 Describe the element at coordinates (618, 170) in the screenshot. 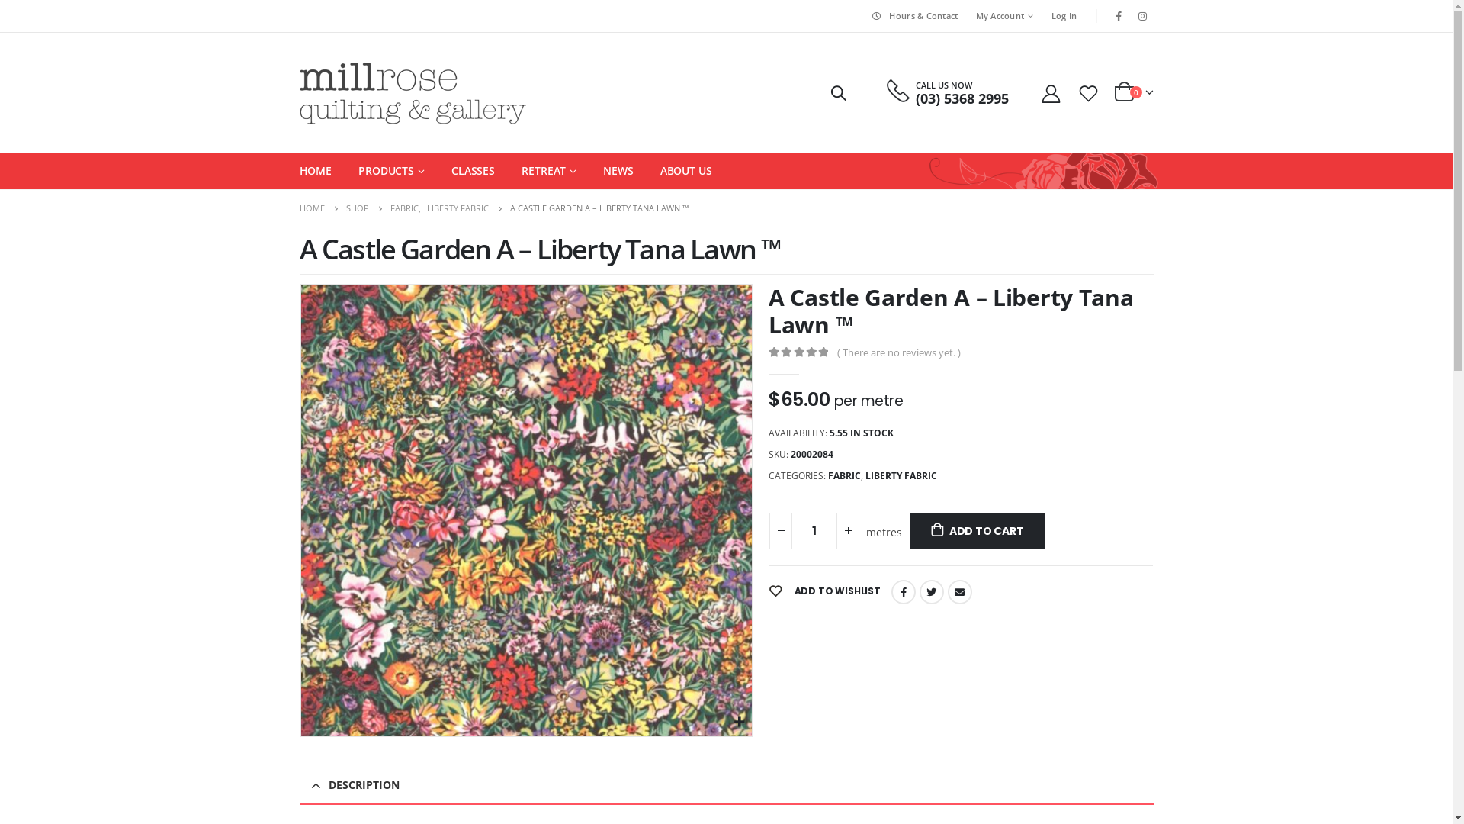

I see `'NEWS'` at that location.